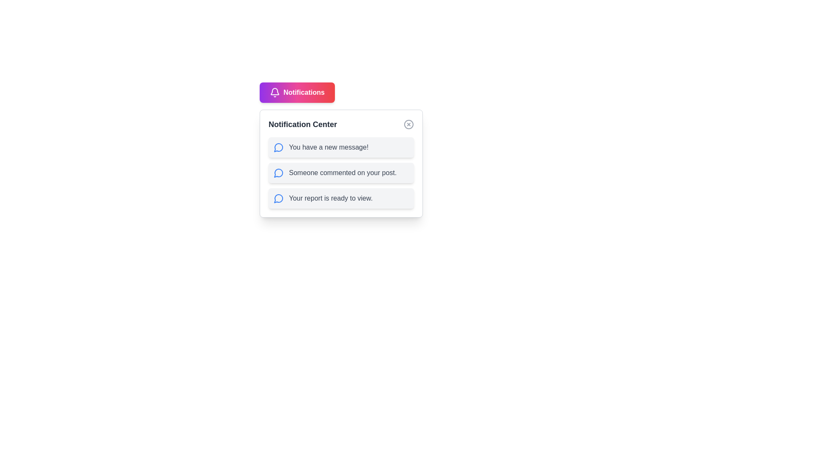 The image size is (816, 459). Describe the element at coordinates (275, 91) in the screenshot. I see `visual appearance of the bell-shaped notification icon located above the 'Notifications' label in the notification pane` at that location.